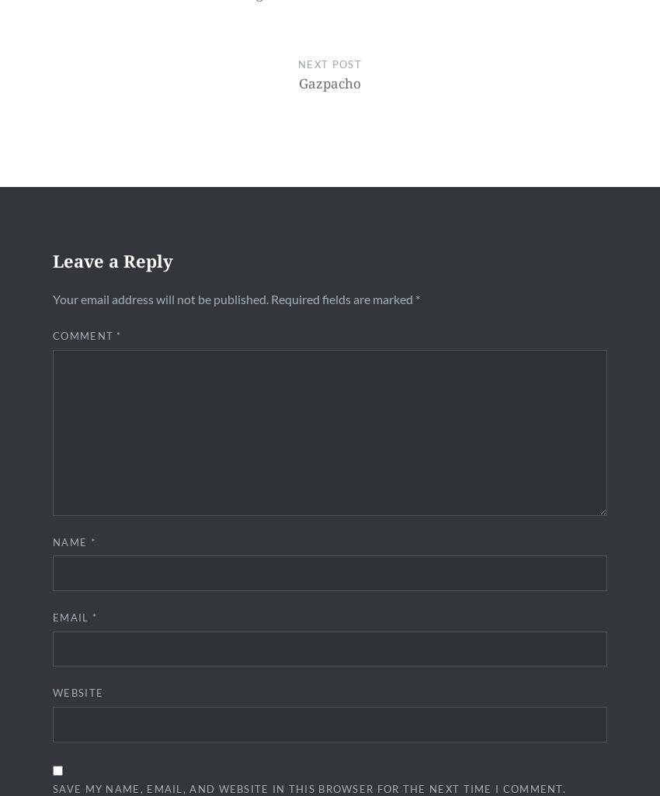 This screenshot has height=796, width=660. I want to click on 'Name', so click(70, 540).